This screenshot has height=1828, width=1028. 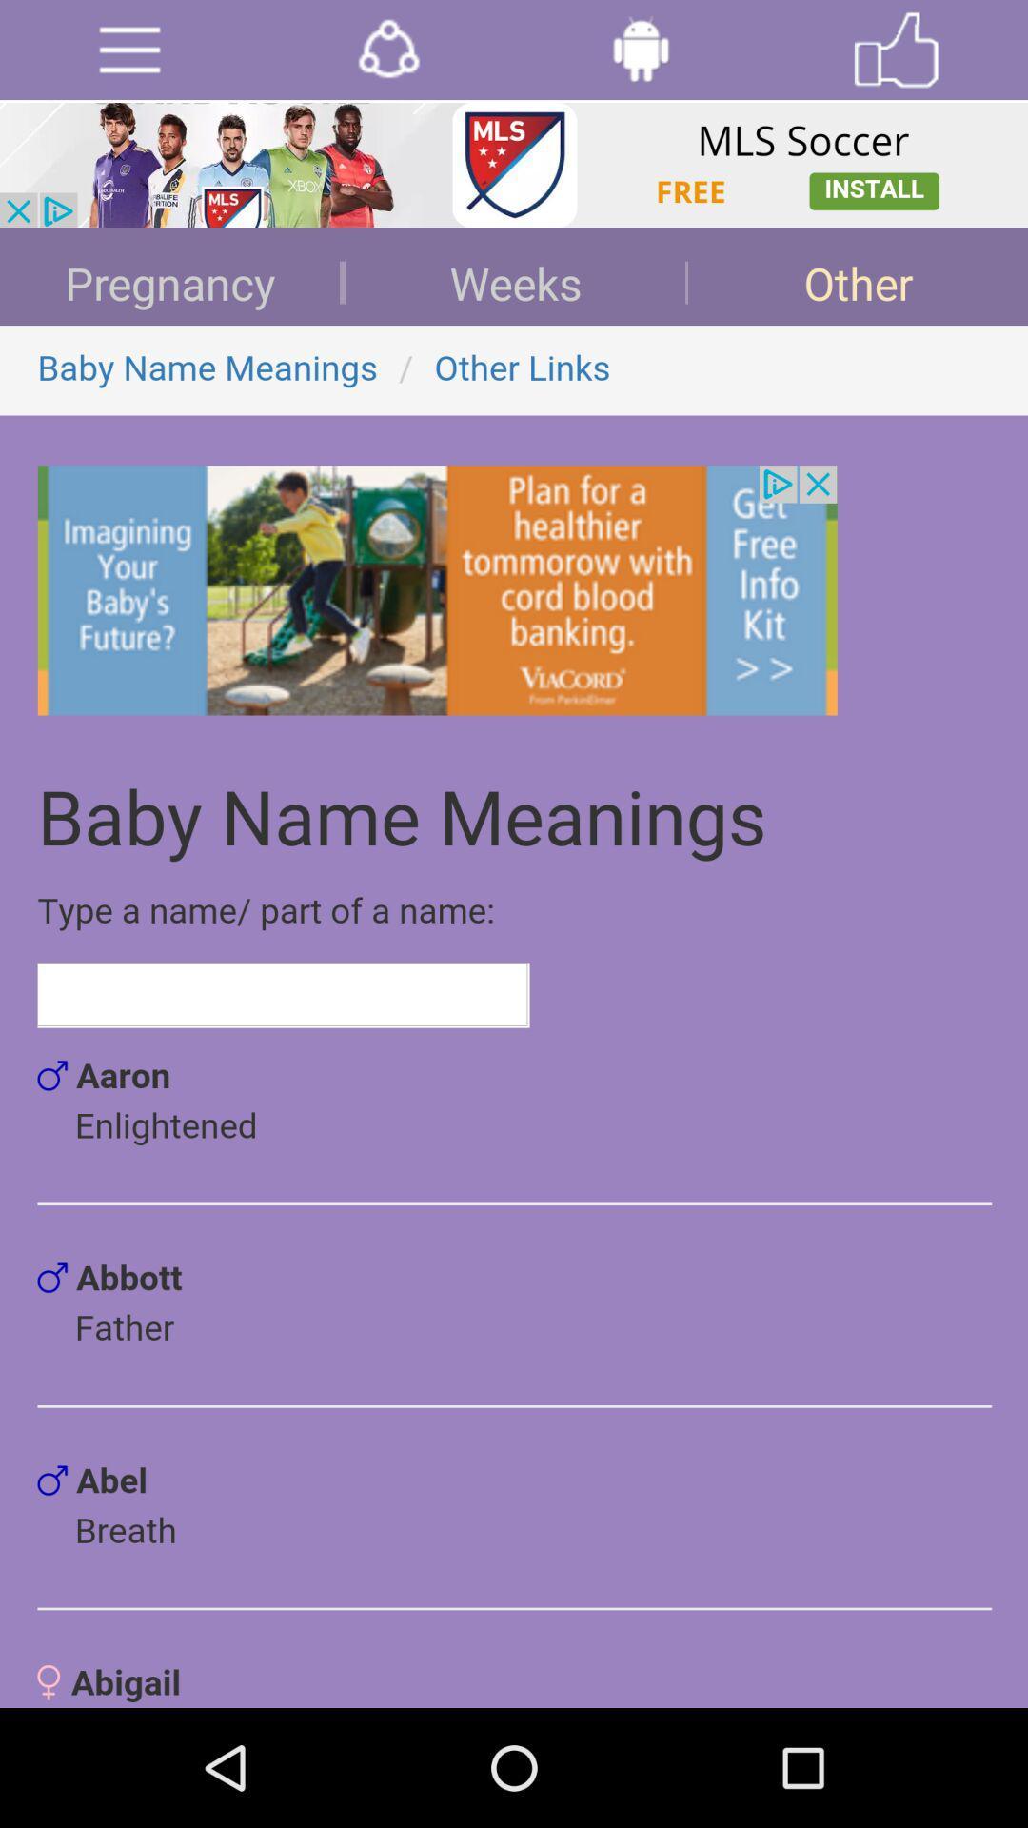 I want to click on open menu options, so click(x=128, y=50).